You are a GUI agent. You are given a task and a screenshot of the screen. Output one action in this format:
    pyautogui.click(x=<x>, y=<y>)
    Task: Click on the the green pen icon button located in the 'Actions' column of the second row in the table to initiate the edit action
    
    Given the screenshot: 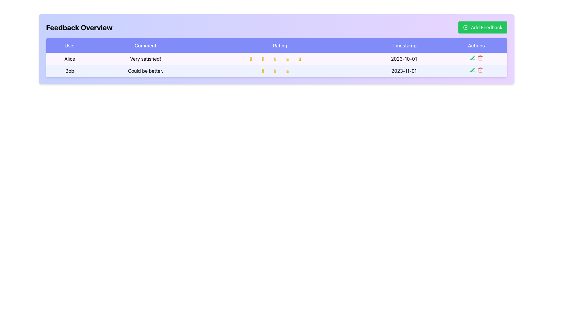 What is the action you would take?
    pyautogui.click(x=472, y=58)
    